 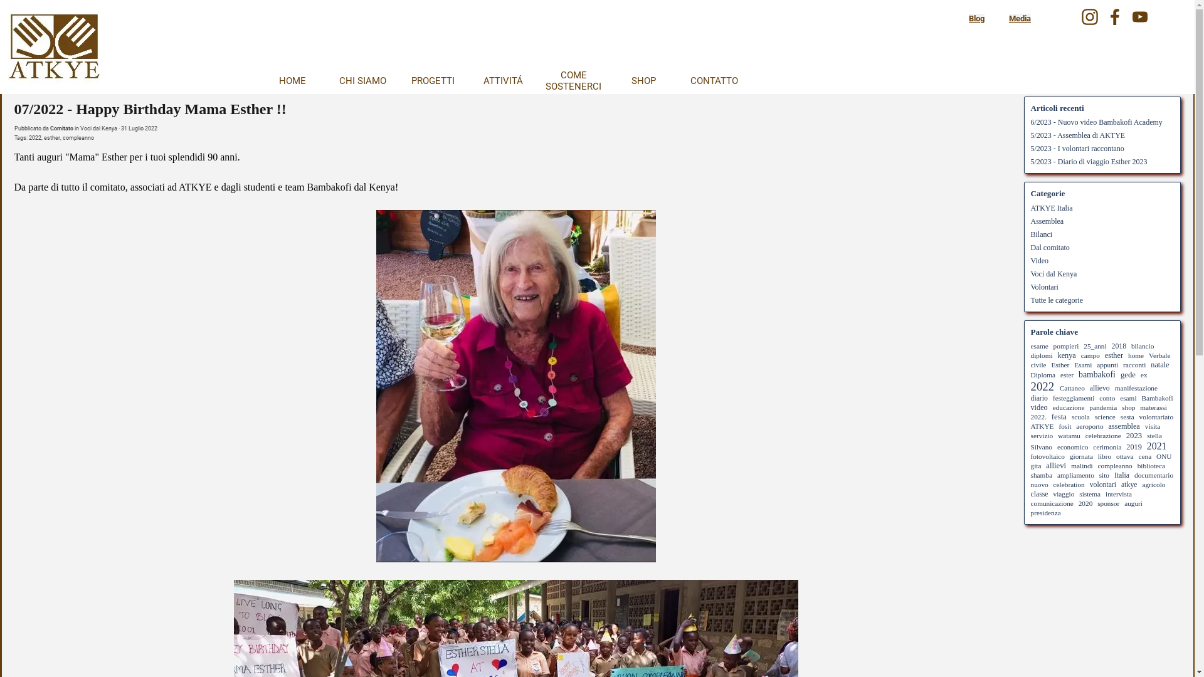 What do you see at coordinates (1077, 135) in the screenshot?
I see `'5/2023 - Assemblea di AKTYE'` at bounding box center [1077, 135].